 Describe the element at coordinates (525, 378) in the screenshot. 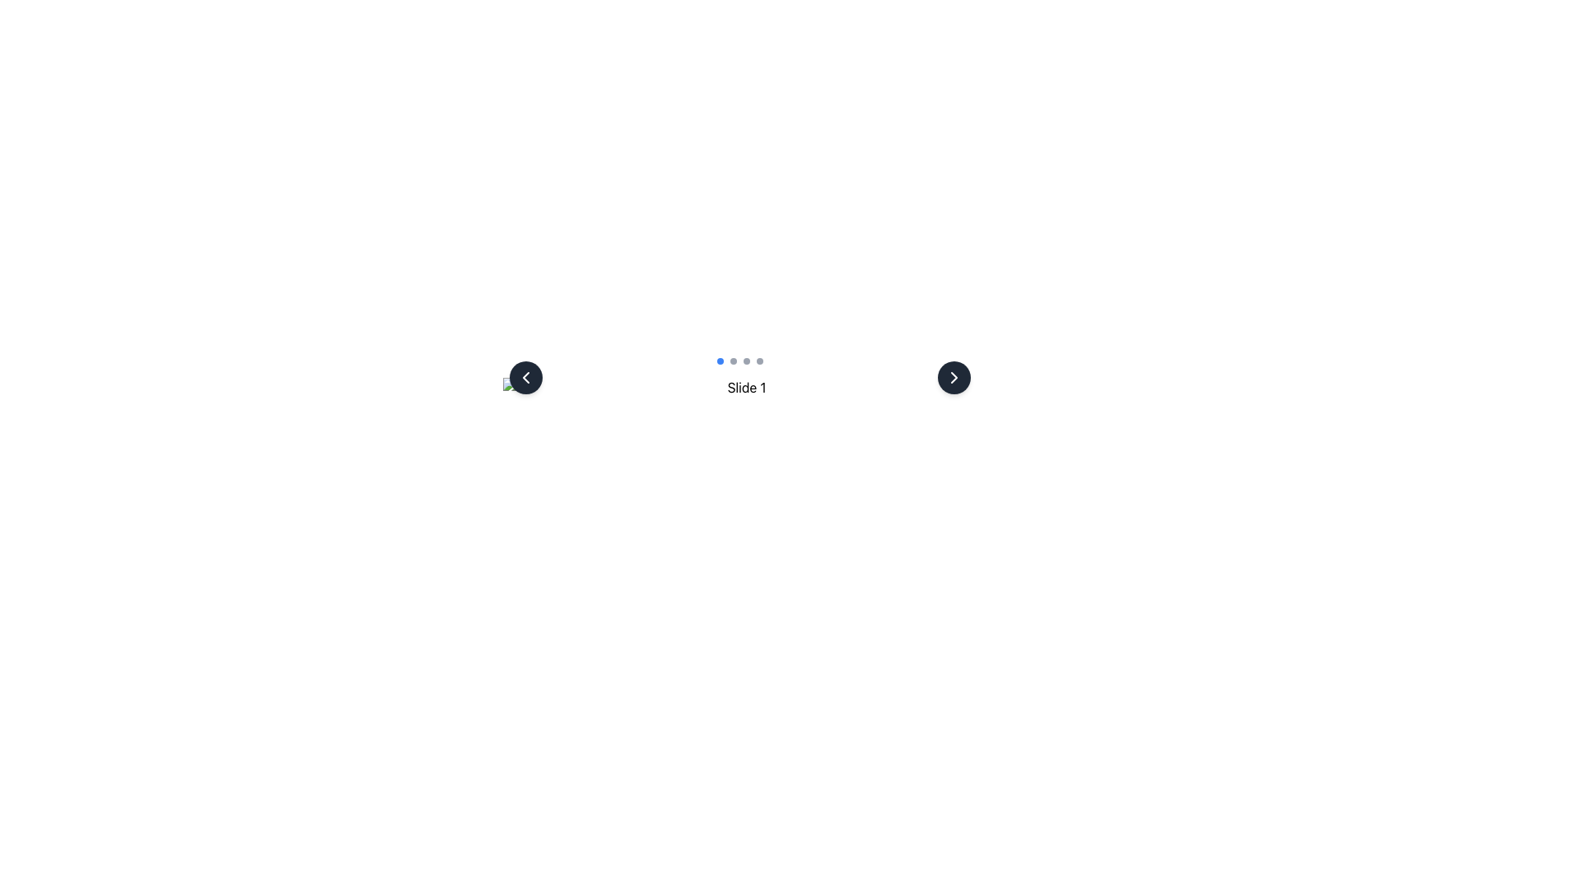

I see `the circular dark-gray button with a white left-facing arrow icon to trigger its hover effects` at that location.